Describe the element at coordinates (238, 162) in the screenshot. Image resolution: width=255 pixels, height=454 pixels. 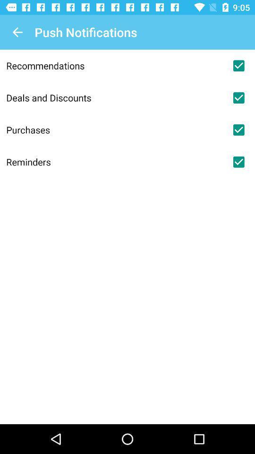
I see `option` at that location.